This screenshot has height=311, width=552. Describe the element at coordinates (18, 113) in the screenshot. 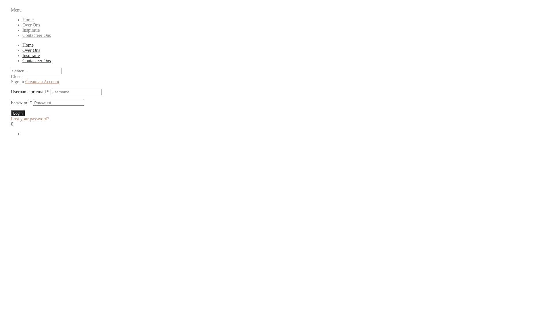

I see `'Login'` at that location.